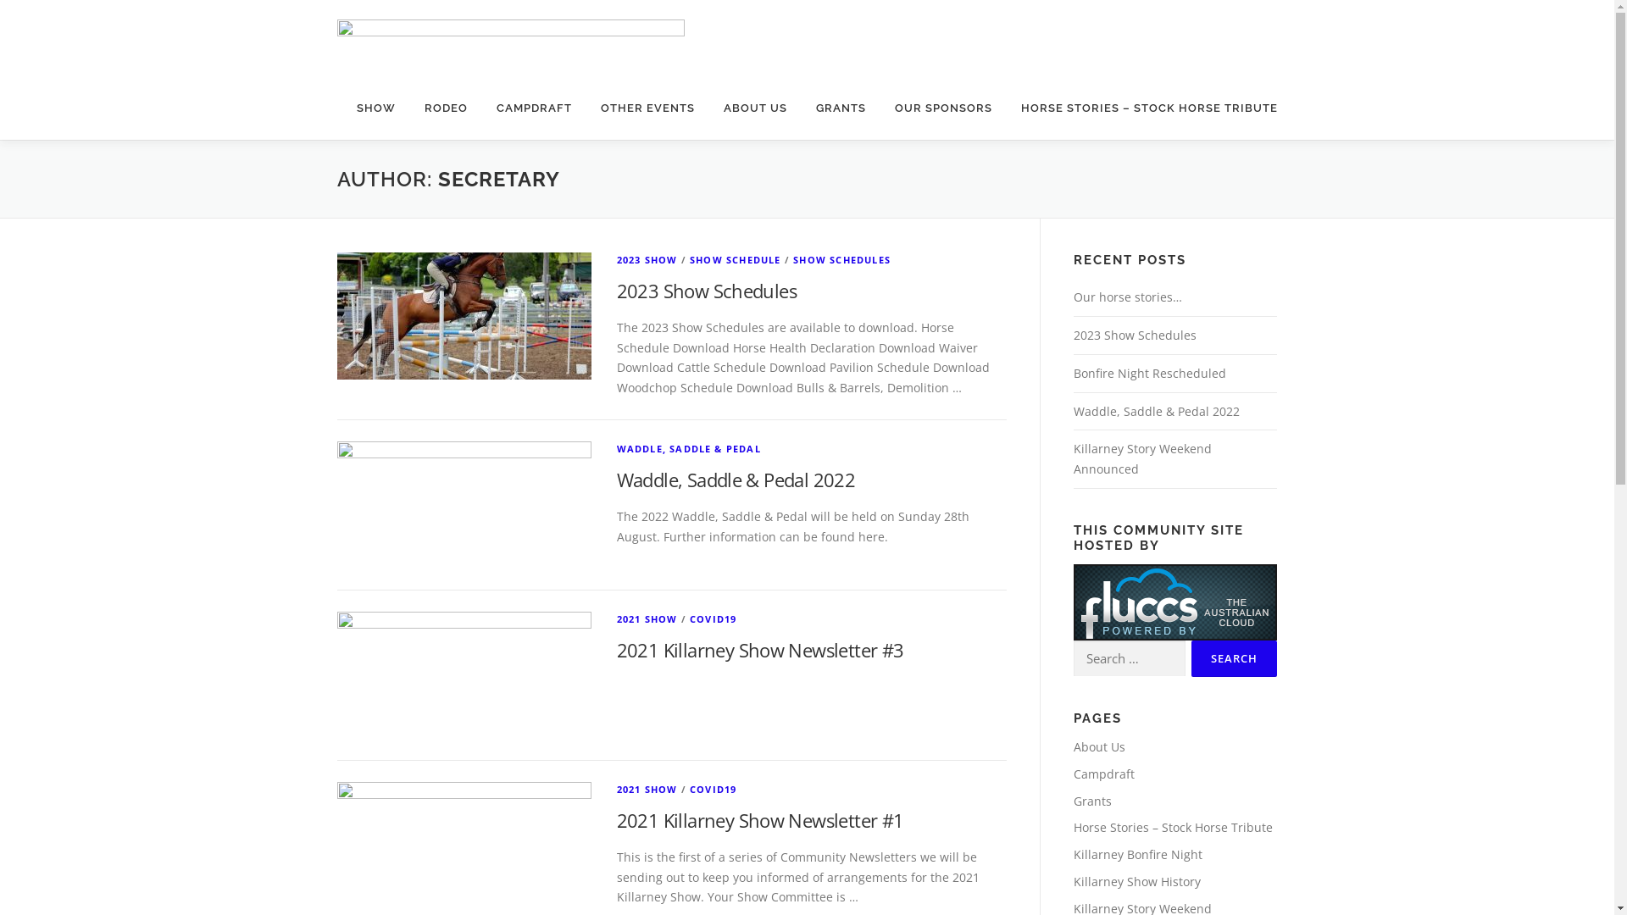 The height and width of the screenshot is (915, 1627). Describe the element at coordinates (1149, 372) in the screenshot. I see `'Bonfire Night Rescheduled'` at that location.